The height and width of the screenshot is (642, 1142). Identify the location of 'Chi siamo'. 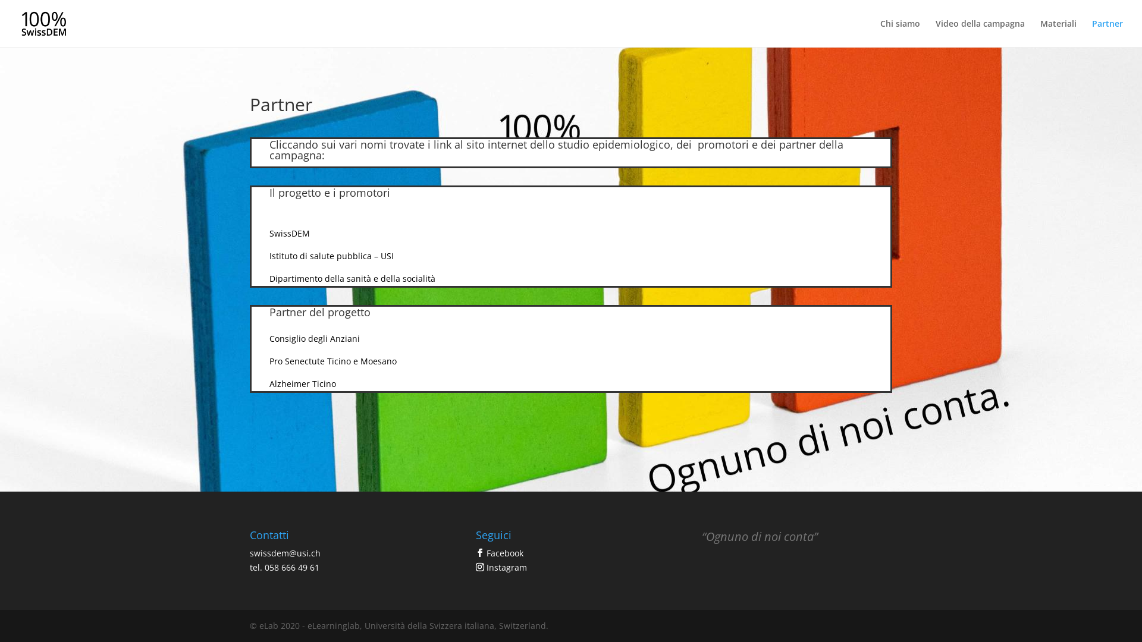
(900, 33).